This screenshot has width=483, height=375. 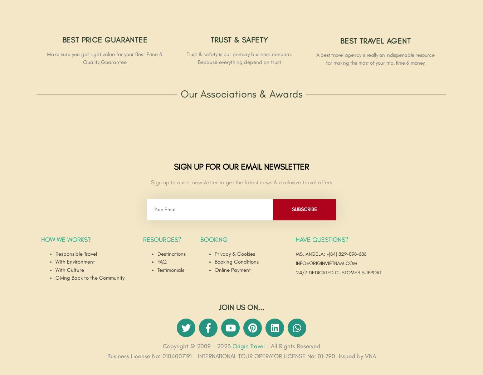 I want to click on '24/7 DEDICATED CUSTOMER SUPPORT', so click(x=338, y=272).